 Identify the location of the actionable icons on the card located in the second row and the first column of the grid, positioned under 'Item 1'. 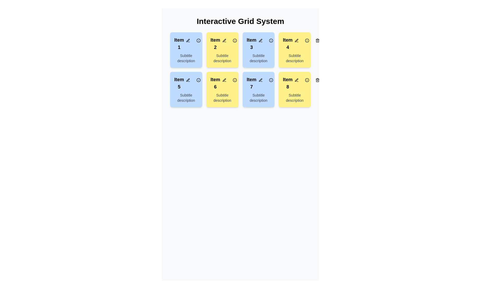
(186, 89).